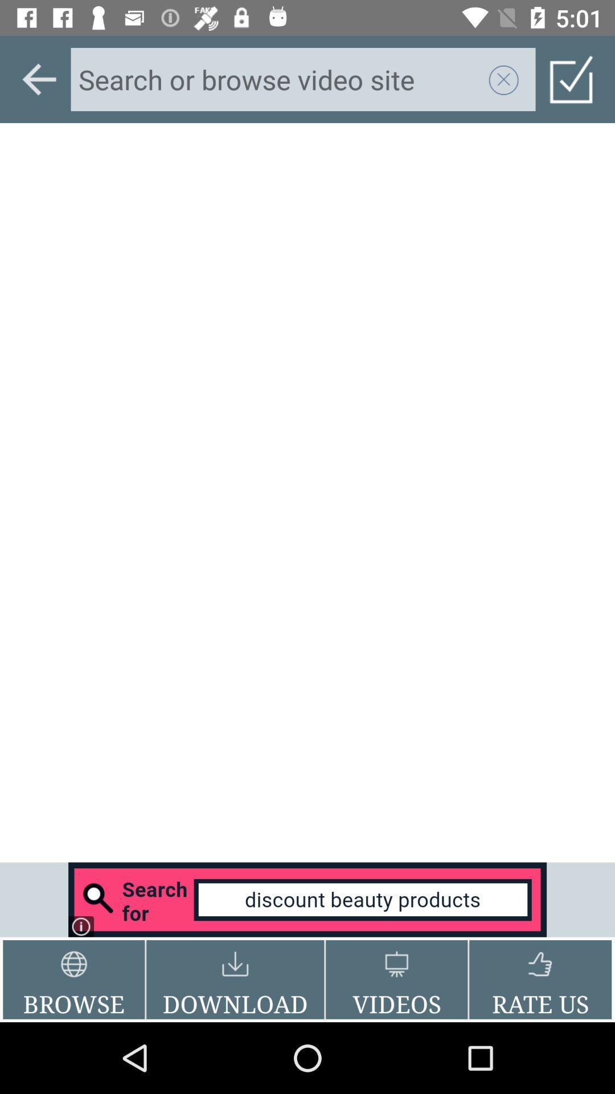 Image resolution: width=615 pixels, height=1094 pixels. What do you see at coordinates (235, 979) in the screenshot?
I see `the download icon` at bounding box center [235, 979].